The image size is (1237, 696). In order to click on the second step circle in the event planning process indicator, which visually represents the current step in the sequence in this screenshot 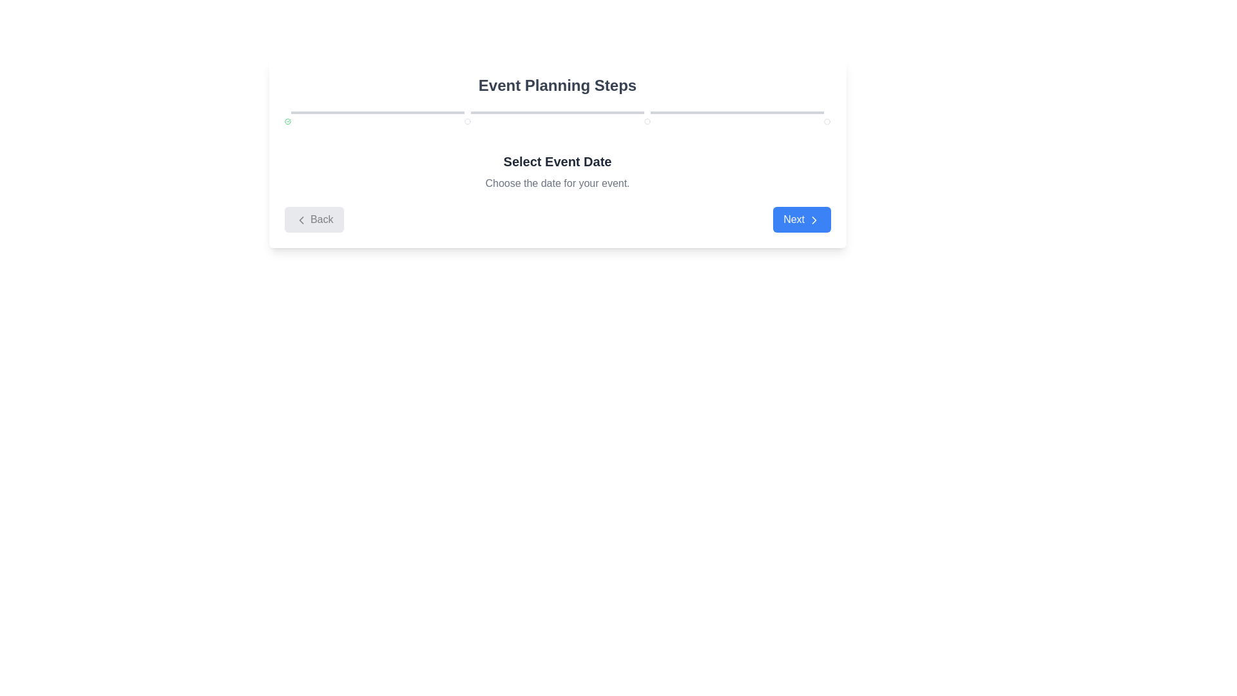, I will do `click(466, 122)`.